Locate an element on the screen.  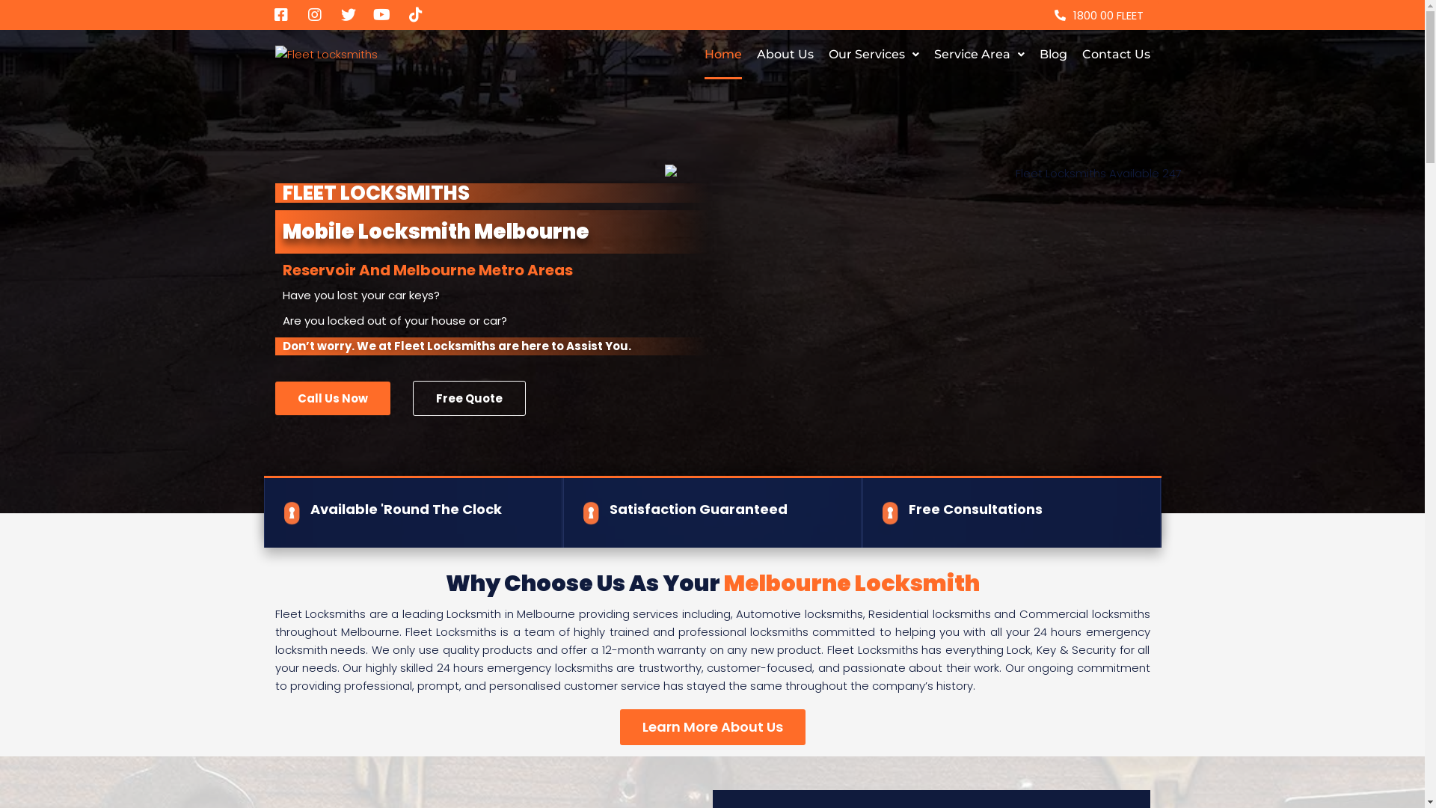
'Contact Us' is located at coordinates (1115, 54).